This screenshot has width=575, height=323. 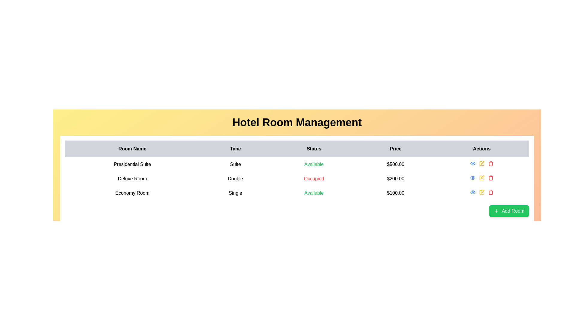 I want to click on the text label displaying 'Single', which is located in the 'Type' column under the 'Economy Room' row of the table, so click(x=235, y=193).